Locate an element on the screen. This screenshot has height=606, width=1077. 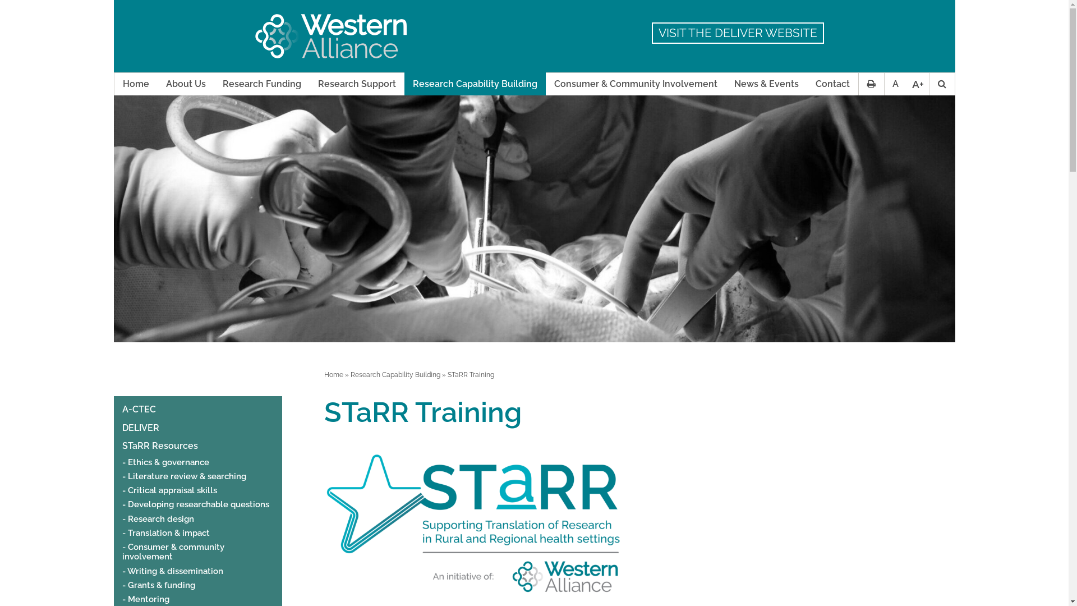
'Research Capability Building' is located at coordinates (395, 374).